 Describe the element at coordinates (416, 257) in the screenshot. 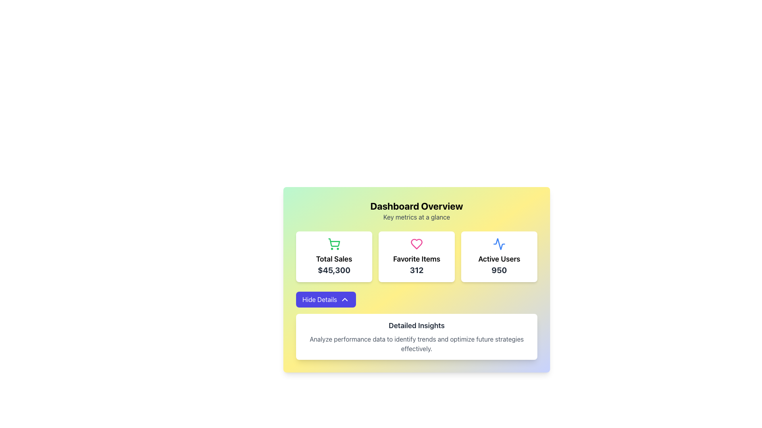

I see `the 'Favorite Items' card that has a white background, rounded corners, and a pink heart icon at the top` at that location.